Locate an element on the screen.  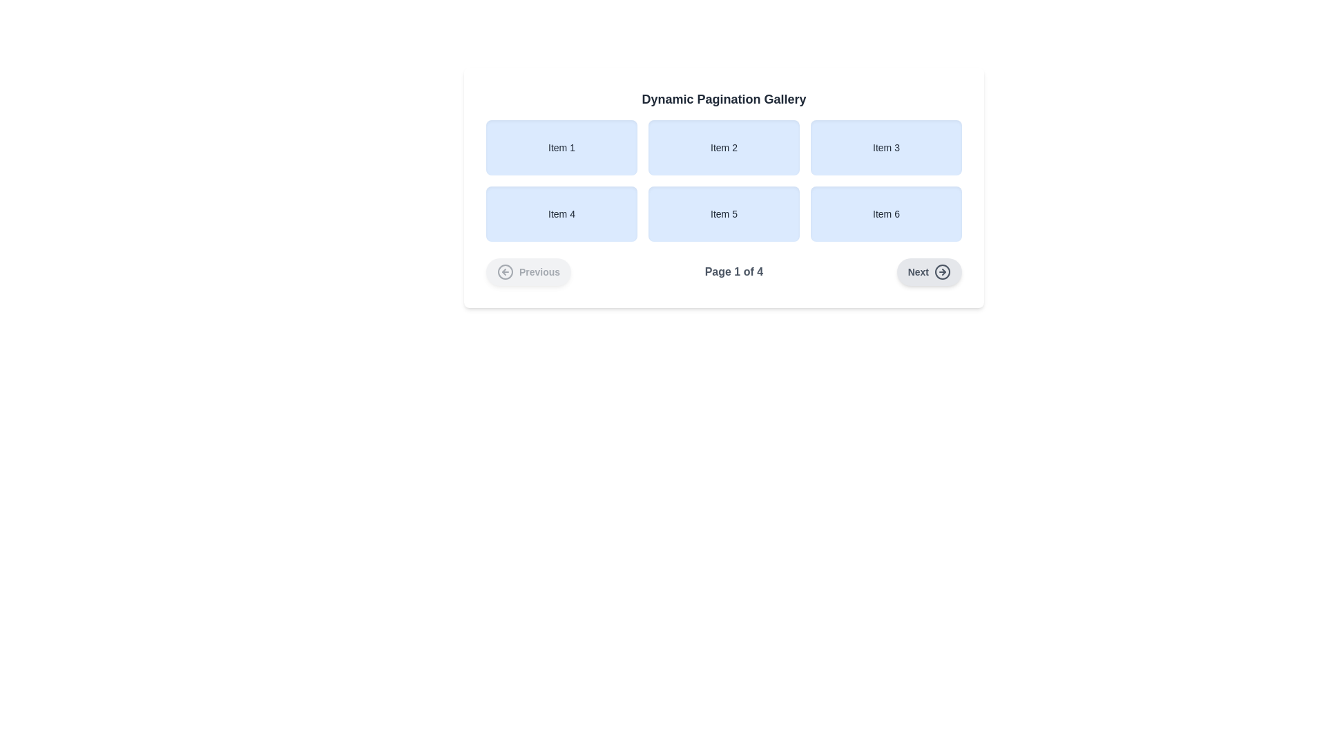
the circular icon element of the 'Previous' button located at the bottom-left corner of the interface is located at coordinates (504, 271).